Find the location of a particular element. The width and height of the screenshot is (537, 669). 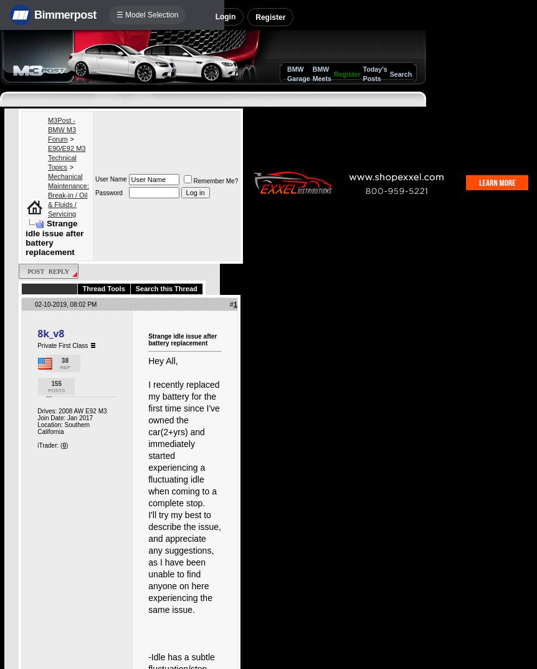

'Password' is located at coordinates (108, 192).